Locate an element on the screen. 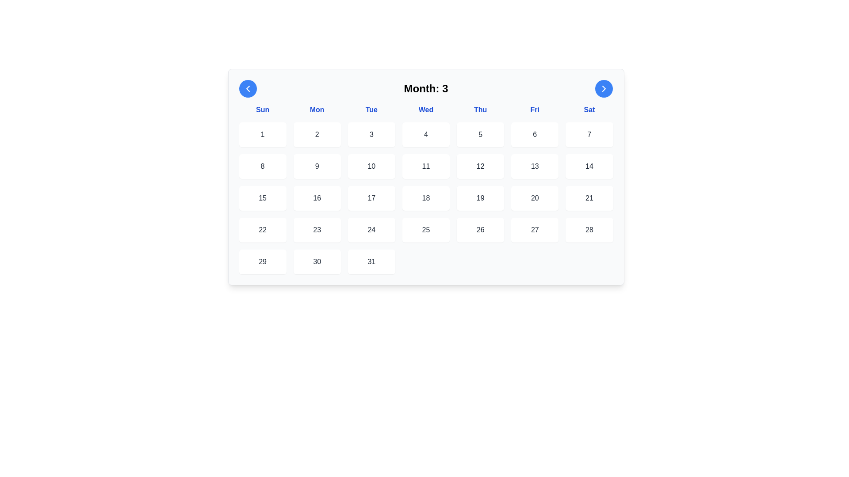  the text label displaying 'Month: 3' which is centered between two circular blue buttons in the top bar of the calendar widget is located at coordinates (426, 88).